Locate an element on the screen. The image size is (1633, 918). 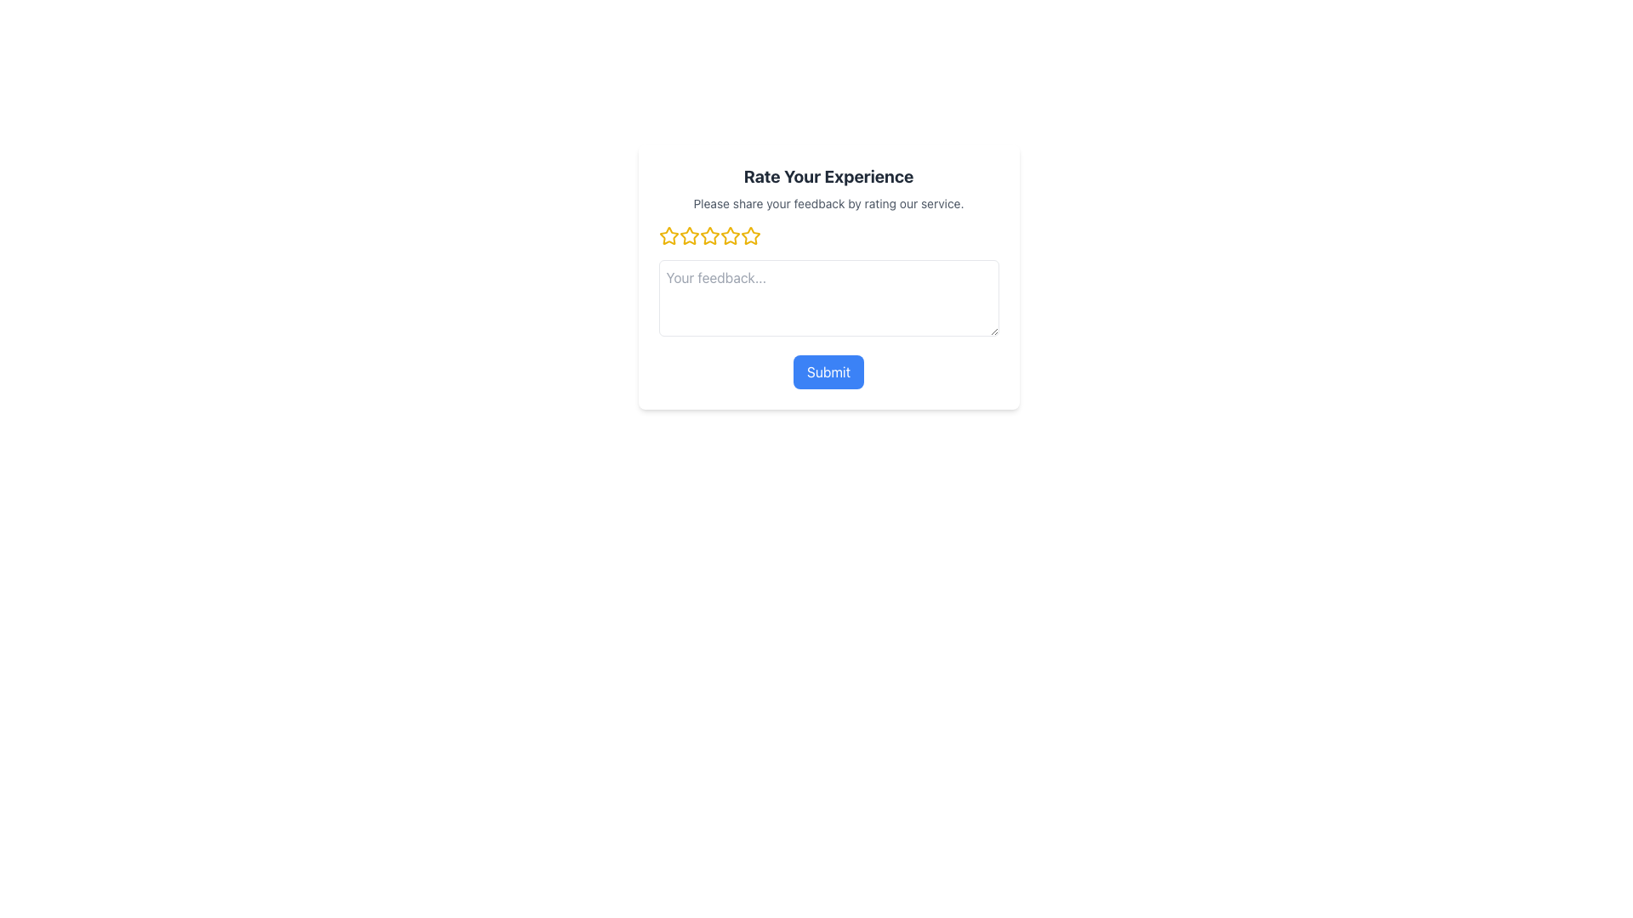
the third yellow star icon in the rating component is located at coordinates (709, 235).